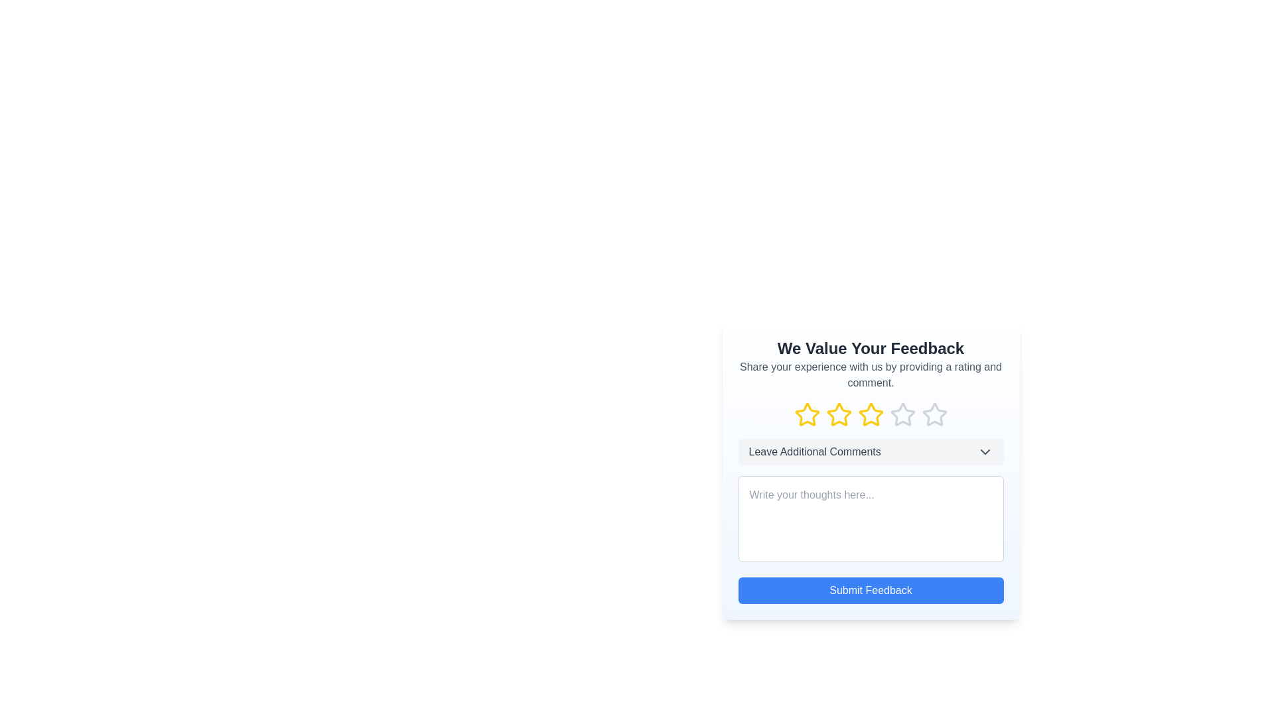 This screenshot has height=716, width=1274. I want to click on the third star icon in the 5-star rating system, so click(838, 414).